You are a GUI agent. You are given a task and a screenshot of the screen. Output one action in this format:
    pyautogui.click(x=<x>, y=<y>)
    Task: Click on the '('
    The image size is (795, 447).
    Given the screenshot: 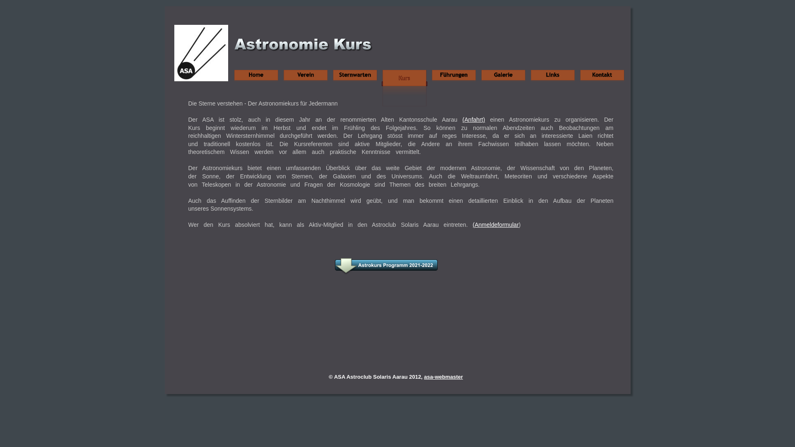 What is the action you would take?
    pyautogui.click(x=474, y=225)
    